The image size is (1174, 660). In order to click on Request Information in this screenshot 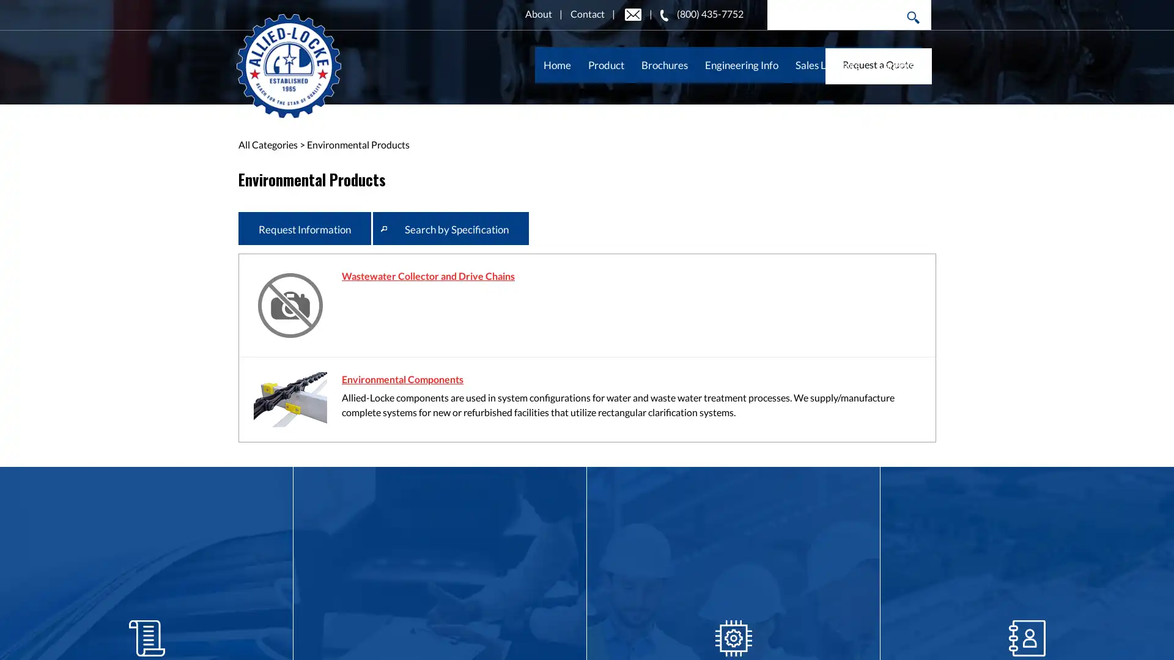, I will do `click(305, 228)`.